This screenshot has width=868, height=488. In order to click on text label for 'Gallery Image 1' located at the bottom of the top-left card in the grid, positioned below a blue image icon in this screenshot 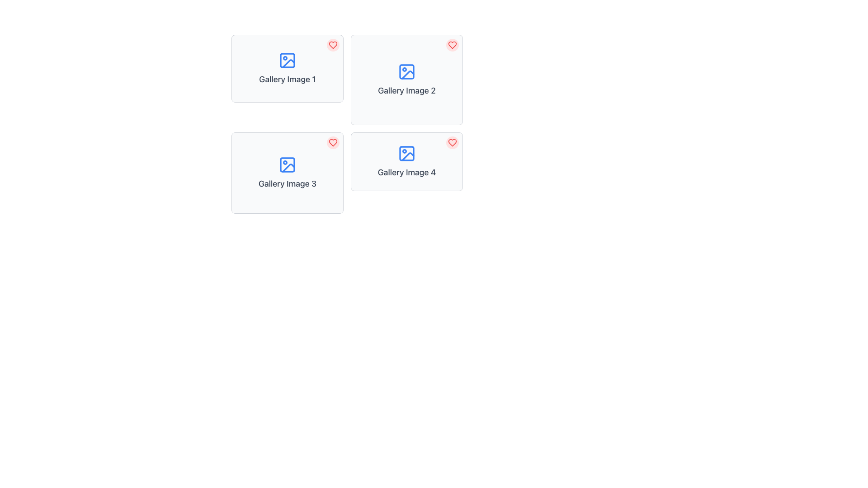, I will do `click(287, 79)`.